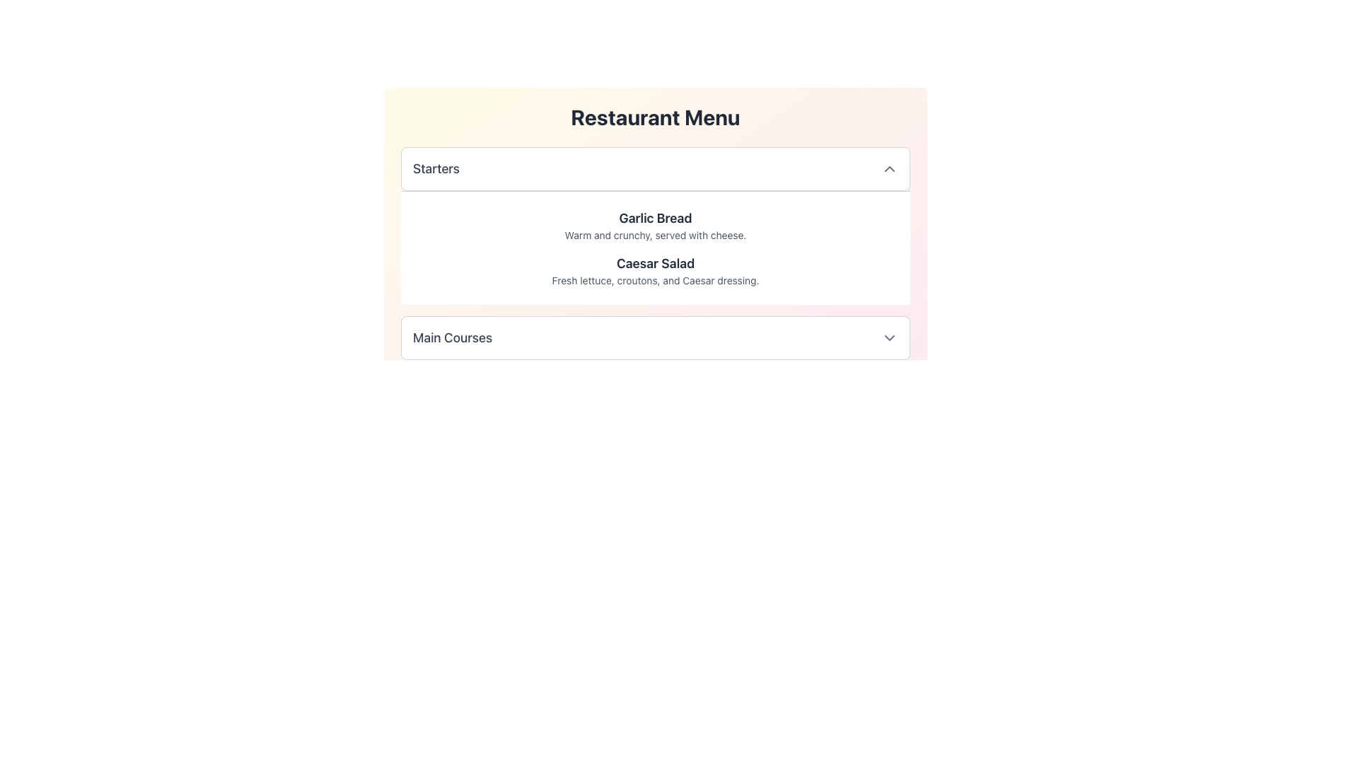 The height and width of the screenshot is (764, 1358). Describe the element at coordinates (654, 234) in the screenshot. I see `the description text element associated with the menu item 'Garlic Bread', located in the 'Starters' section, positioned below 'Garlic Bread' and above 'Caesar Salad'` at that location.